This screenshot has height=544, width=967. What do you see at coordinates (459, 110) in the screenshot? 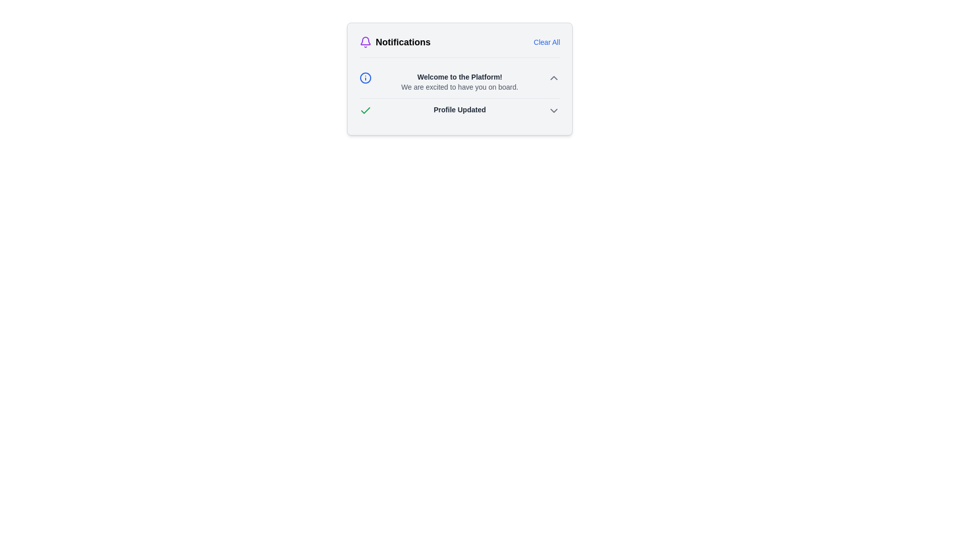
I see `the 'Profile Updated' text label located within the notification card under the 'Notifications' heading` at bounding box center [459, 110].